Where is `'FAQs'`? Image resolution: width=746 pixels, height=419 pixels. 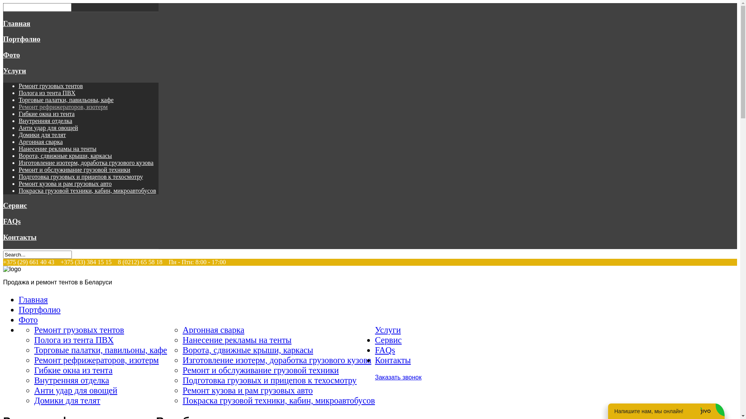 'FAQs' is located at coordinates (385, 350).